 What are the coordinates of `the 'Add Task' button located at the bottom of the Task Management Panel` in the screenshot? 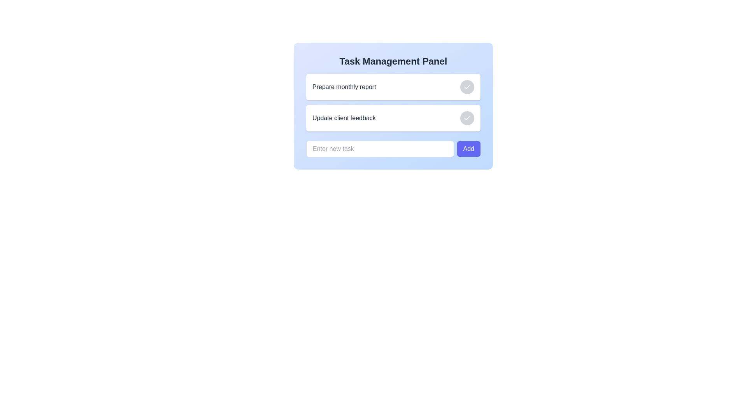 It's located at (468, 149).